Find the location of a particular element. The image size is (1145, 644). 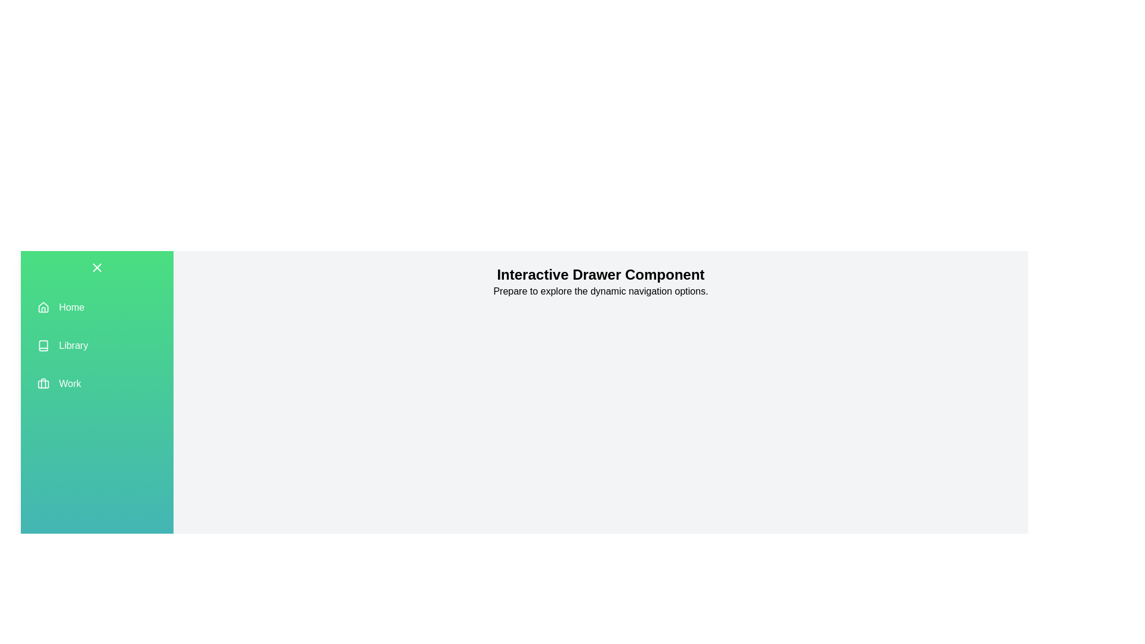

the menu item Home to observe its hover effect is located at coordinates (97, 307).